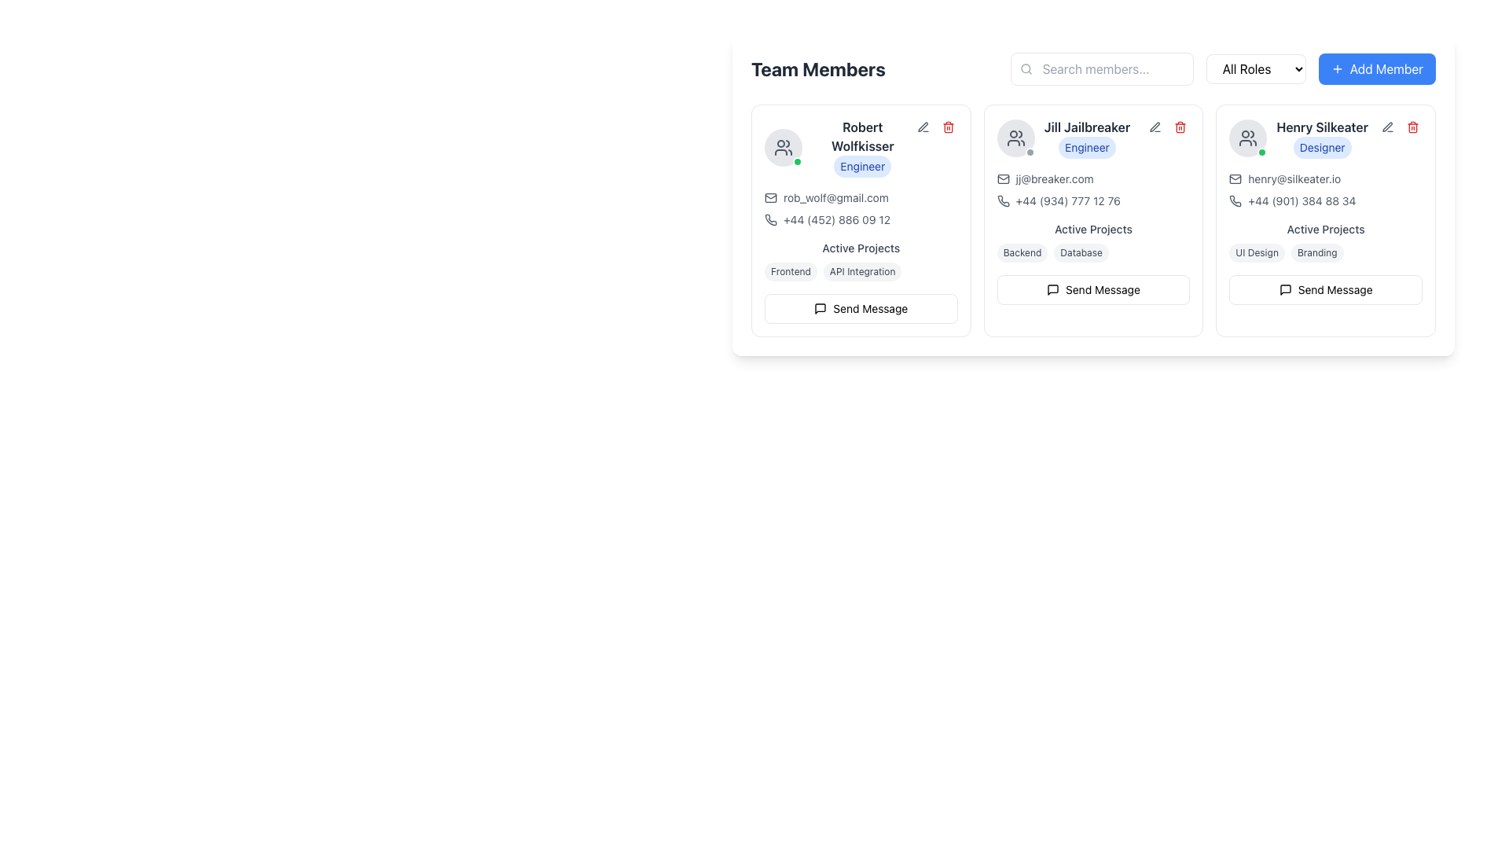 The width and height of the screenshot is (1509, 849). What do you see at coordinates (1321, 127) in the screenshot?
I see `the Text label displaying 'Henry Silkeater' in bold, dark gray font located in the rightmost user card, positioned above the 'Designer' badge` at bounding box center [1321, 127].